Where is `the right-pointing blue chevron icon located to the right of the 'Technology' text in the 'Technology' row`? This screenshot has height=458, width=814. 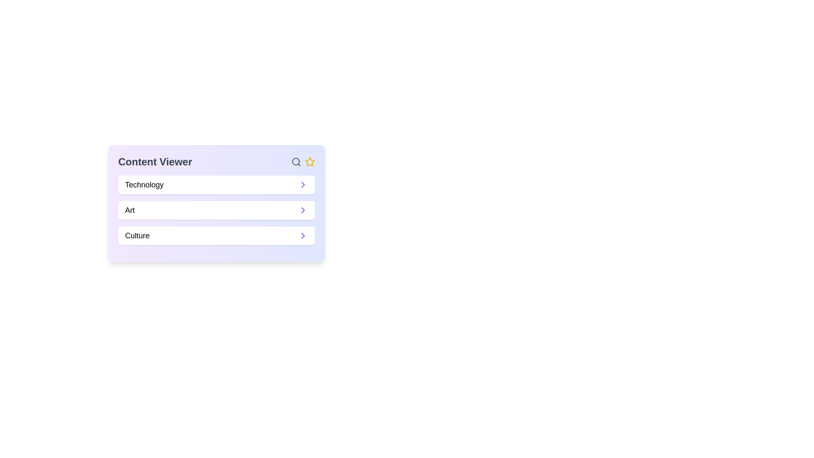 the right-pointing blue chevron icon located to the right of the 'Technology' text in the 'Technology' row is located at coordinates (303, 184).